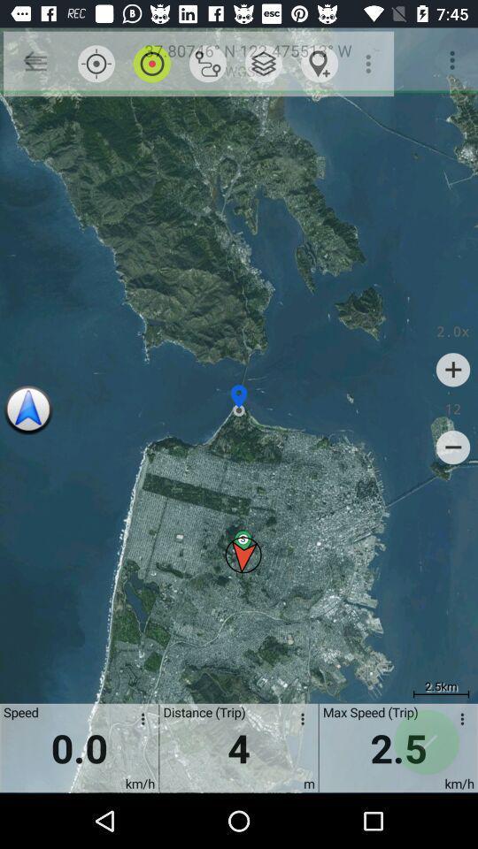 The image size is (478, 849). Describe the element at coordinates (298, 722) in the screenshot. I see `the more icon` at that location.